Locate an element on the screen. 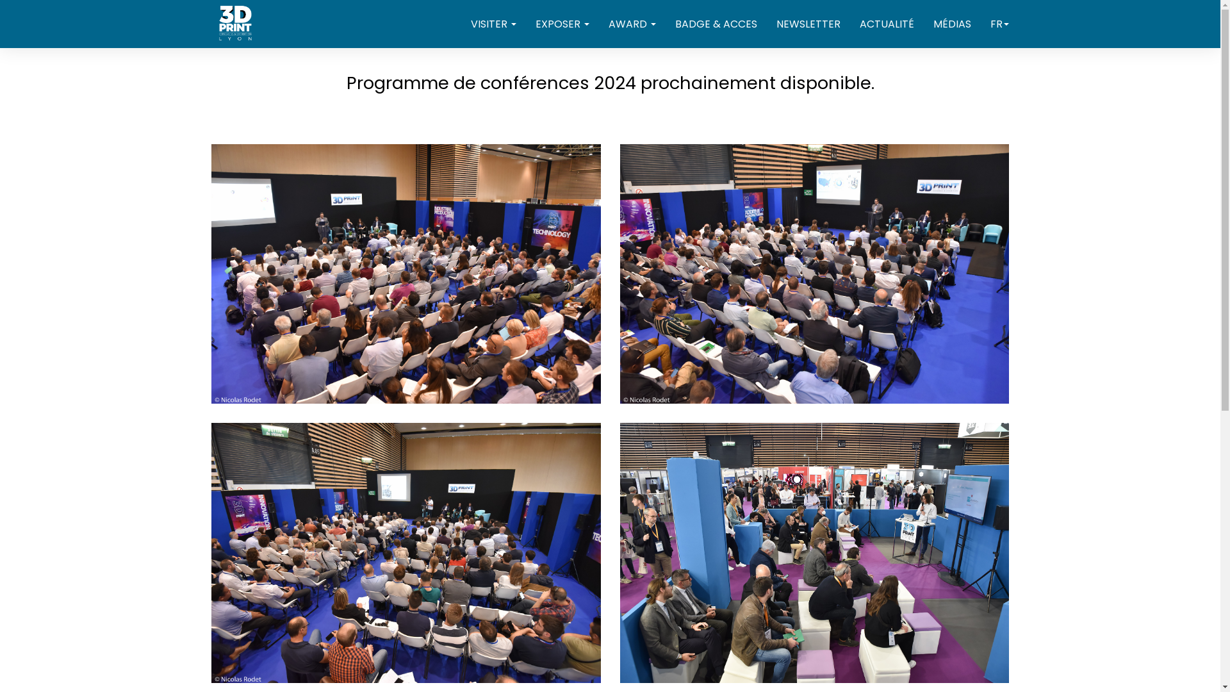  'EXPOSER' is located at coordinates (562, 24).